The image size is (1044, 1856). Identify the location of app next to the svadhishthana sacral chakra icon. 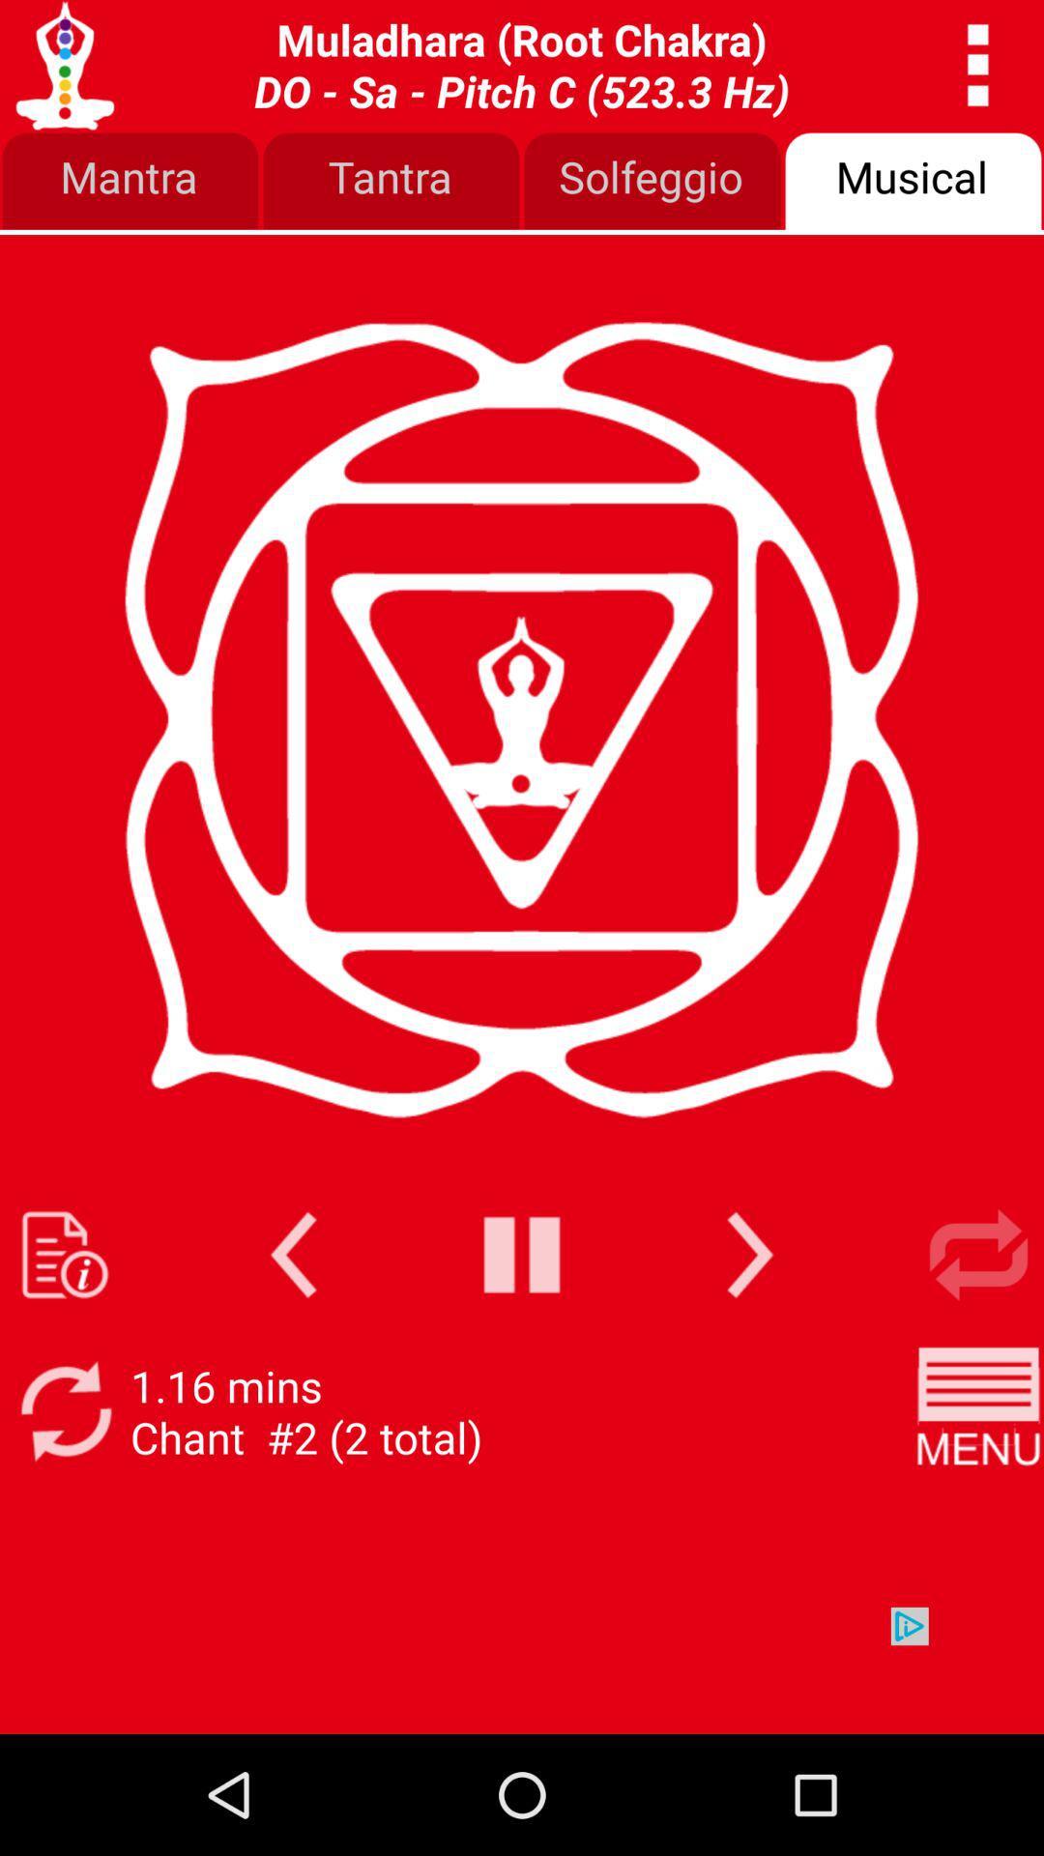
(978, 65).